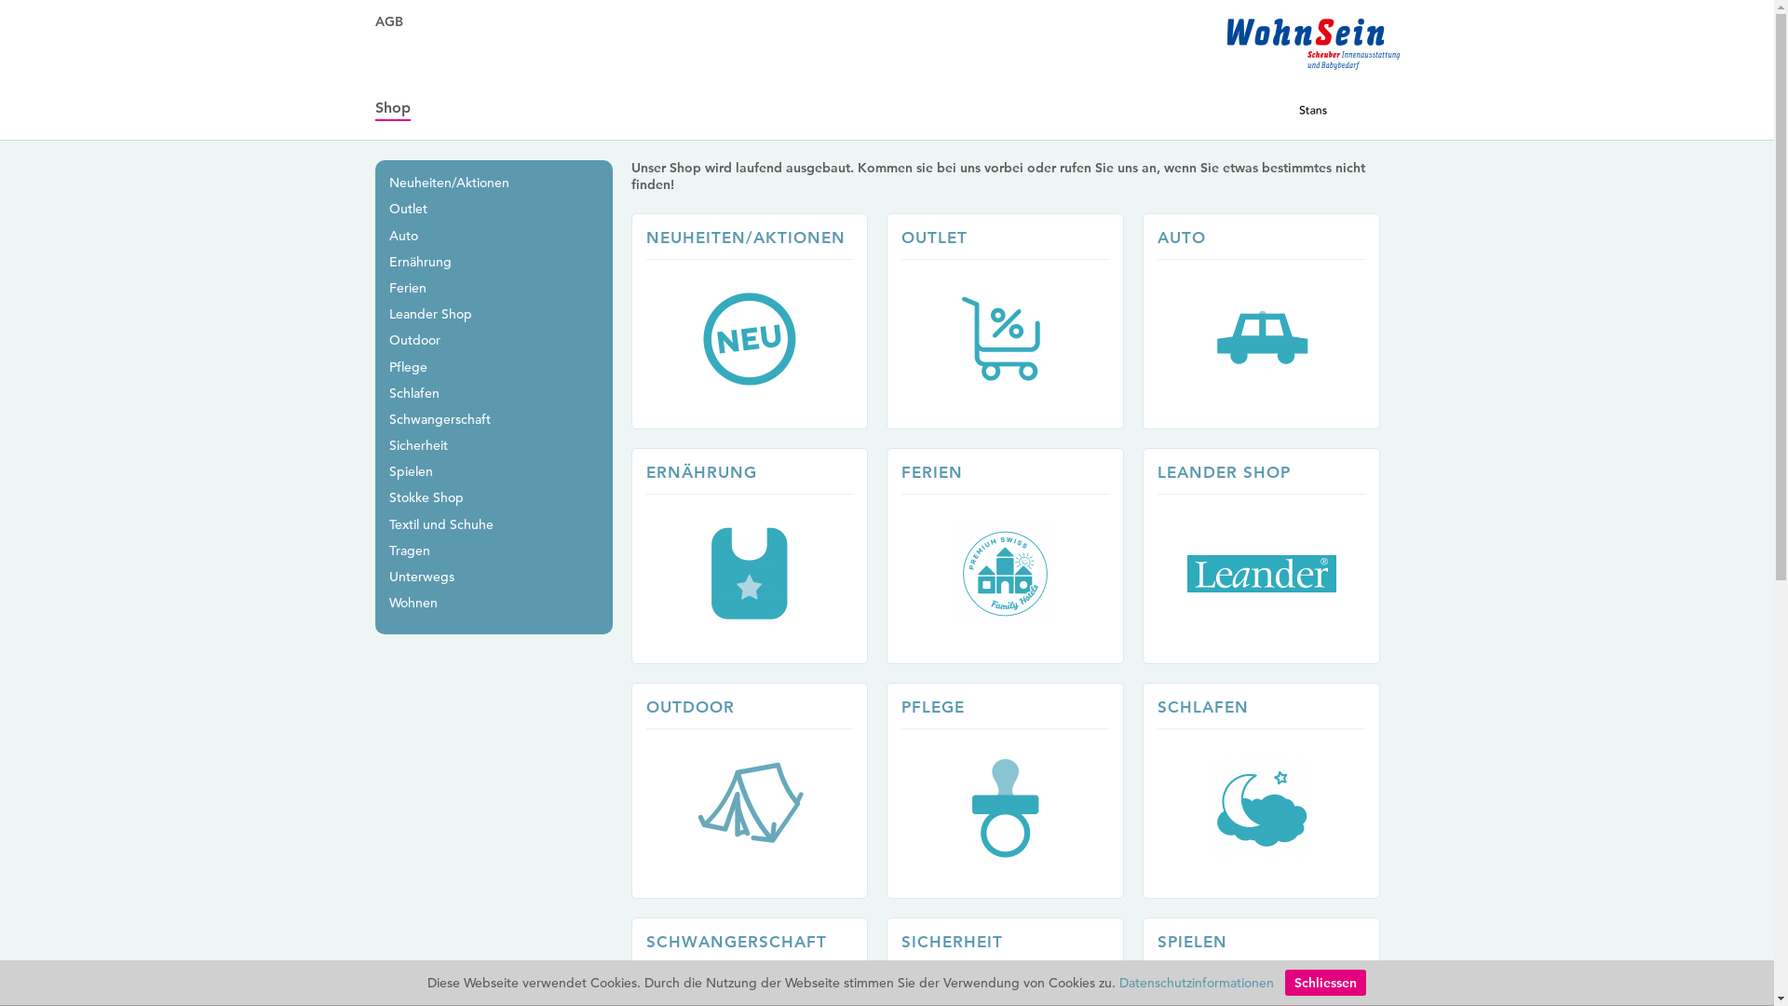  I want to click on 'Wohnen', so click(413, 603).